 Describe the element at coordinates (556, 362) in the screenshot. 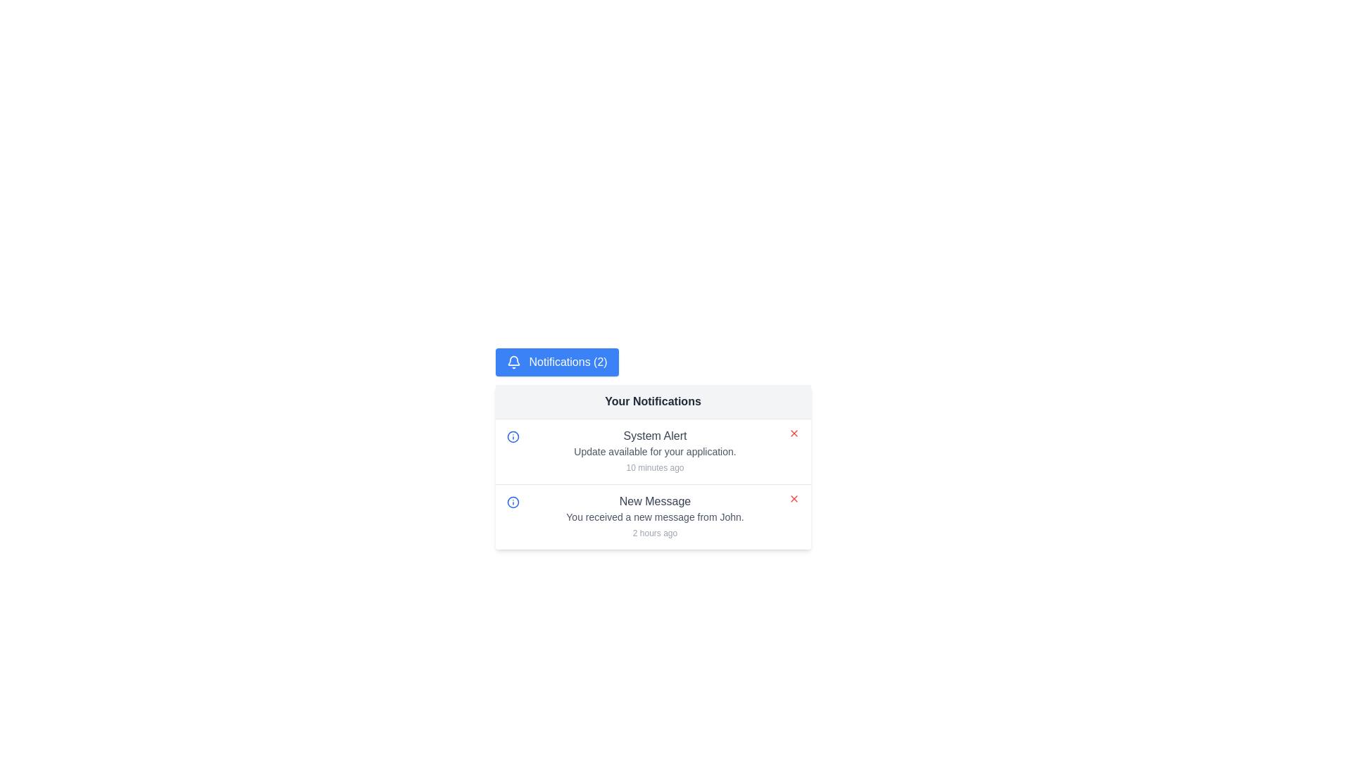

I see `the button that opens a dropdown menu for notifications, which is visually marked with the number '2'` at that location.